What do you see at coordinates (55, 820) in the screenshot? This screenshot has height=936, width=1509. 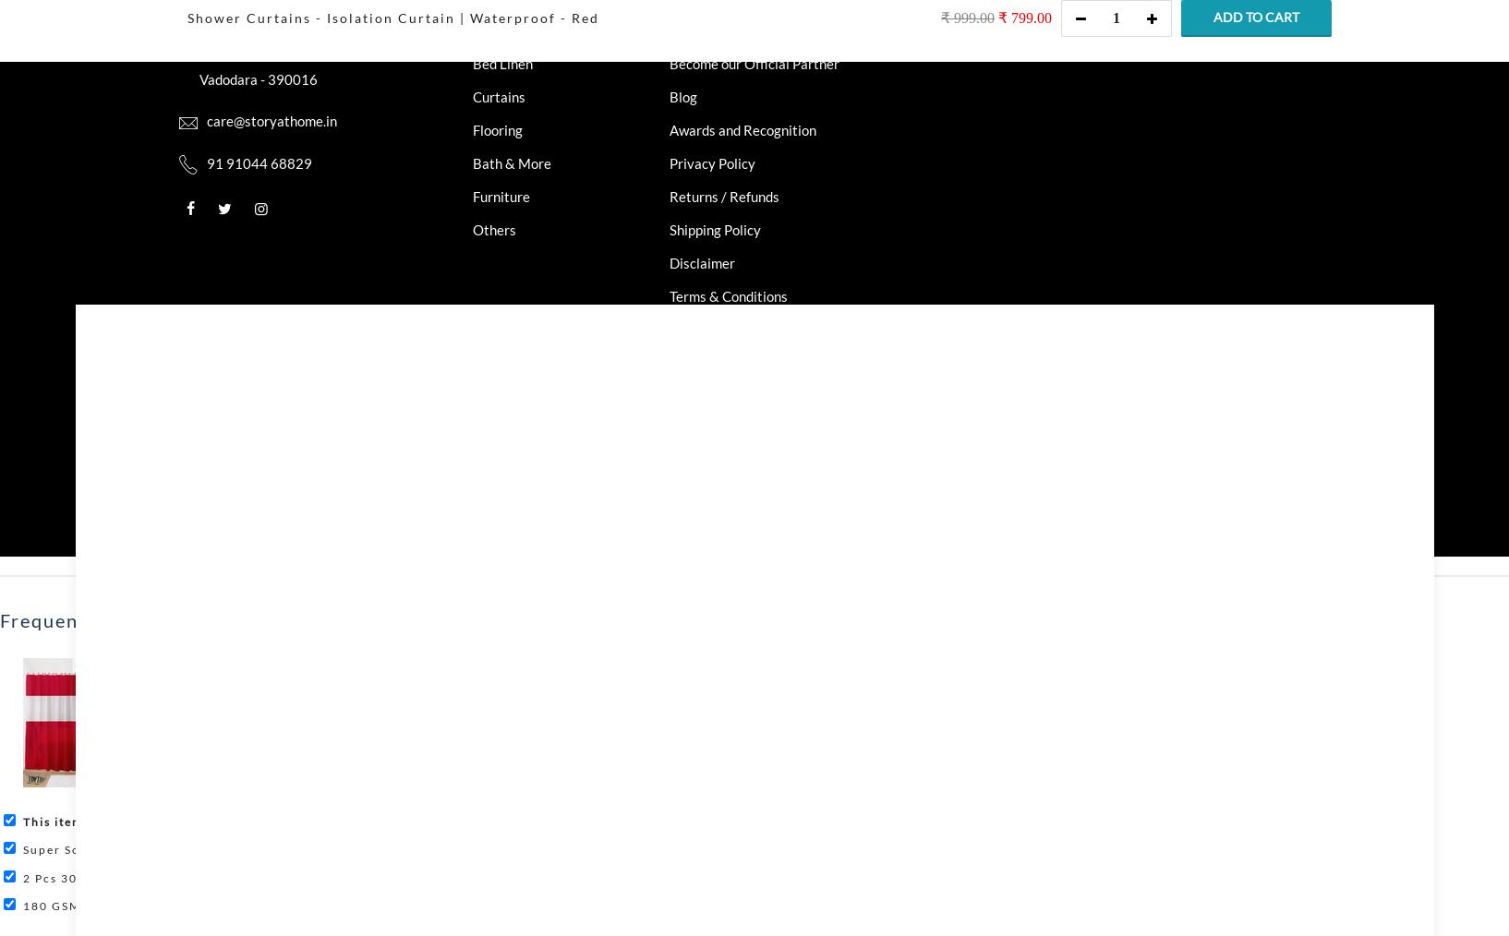 I see `'This item:'` at bounding box center [55, 820].